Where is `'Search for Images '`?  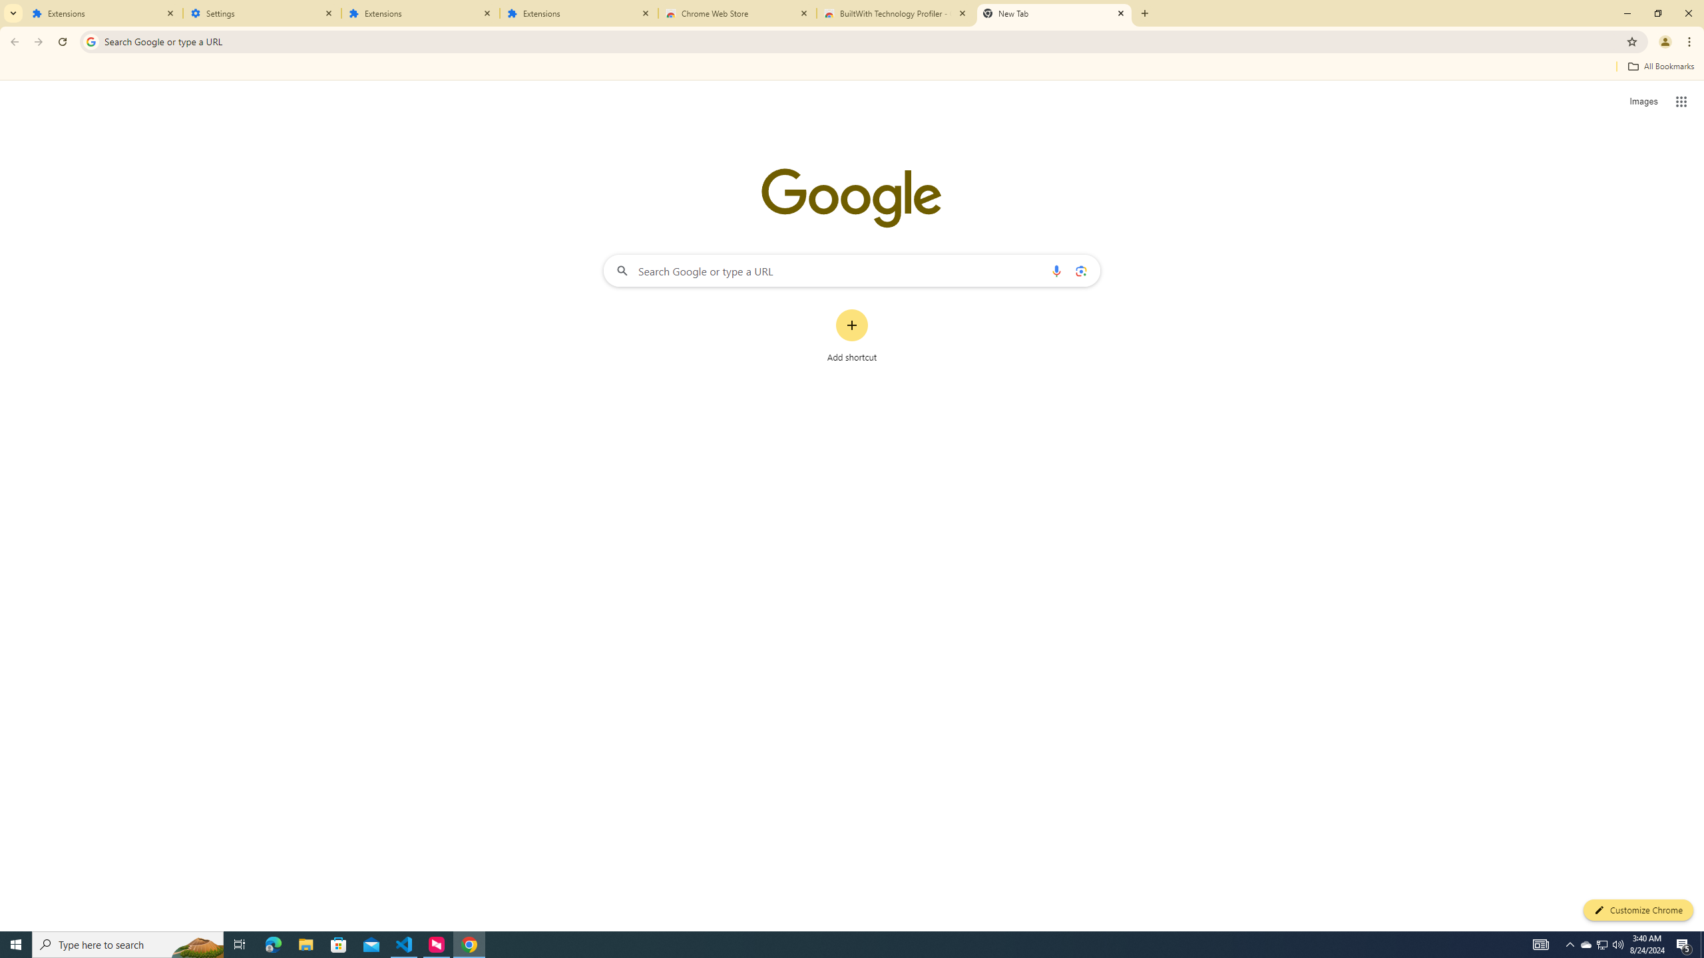
'Search for Images ' is located at coordinates (1643, 102).